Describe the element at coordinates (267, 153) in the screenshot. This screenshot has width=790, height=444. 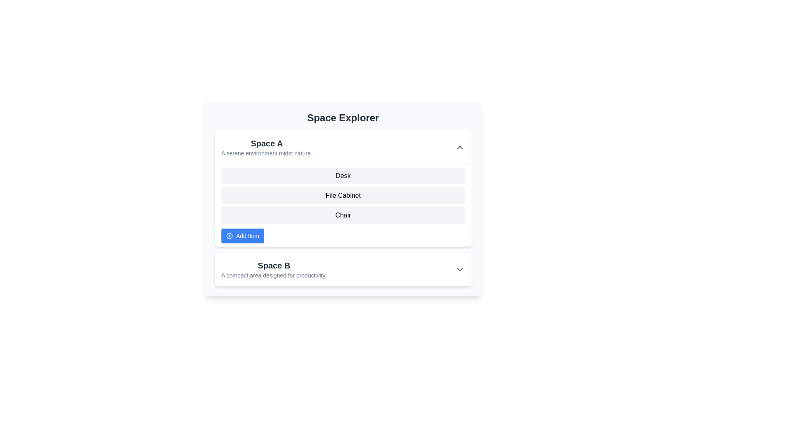
I see `the static text element that provides context for 'Space A', located directly below the 'Space A' heading` at that location.